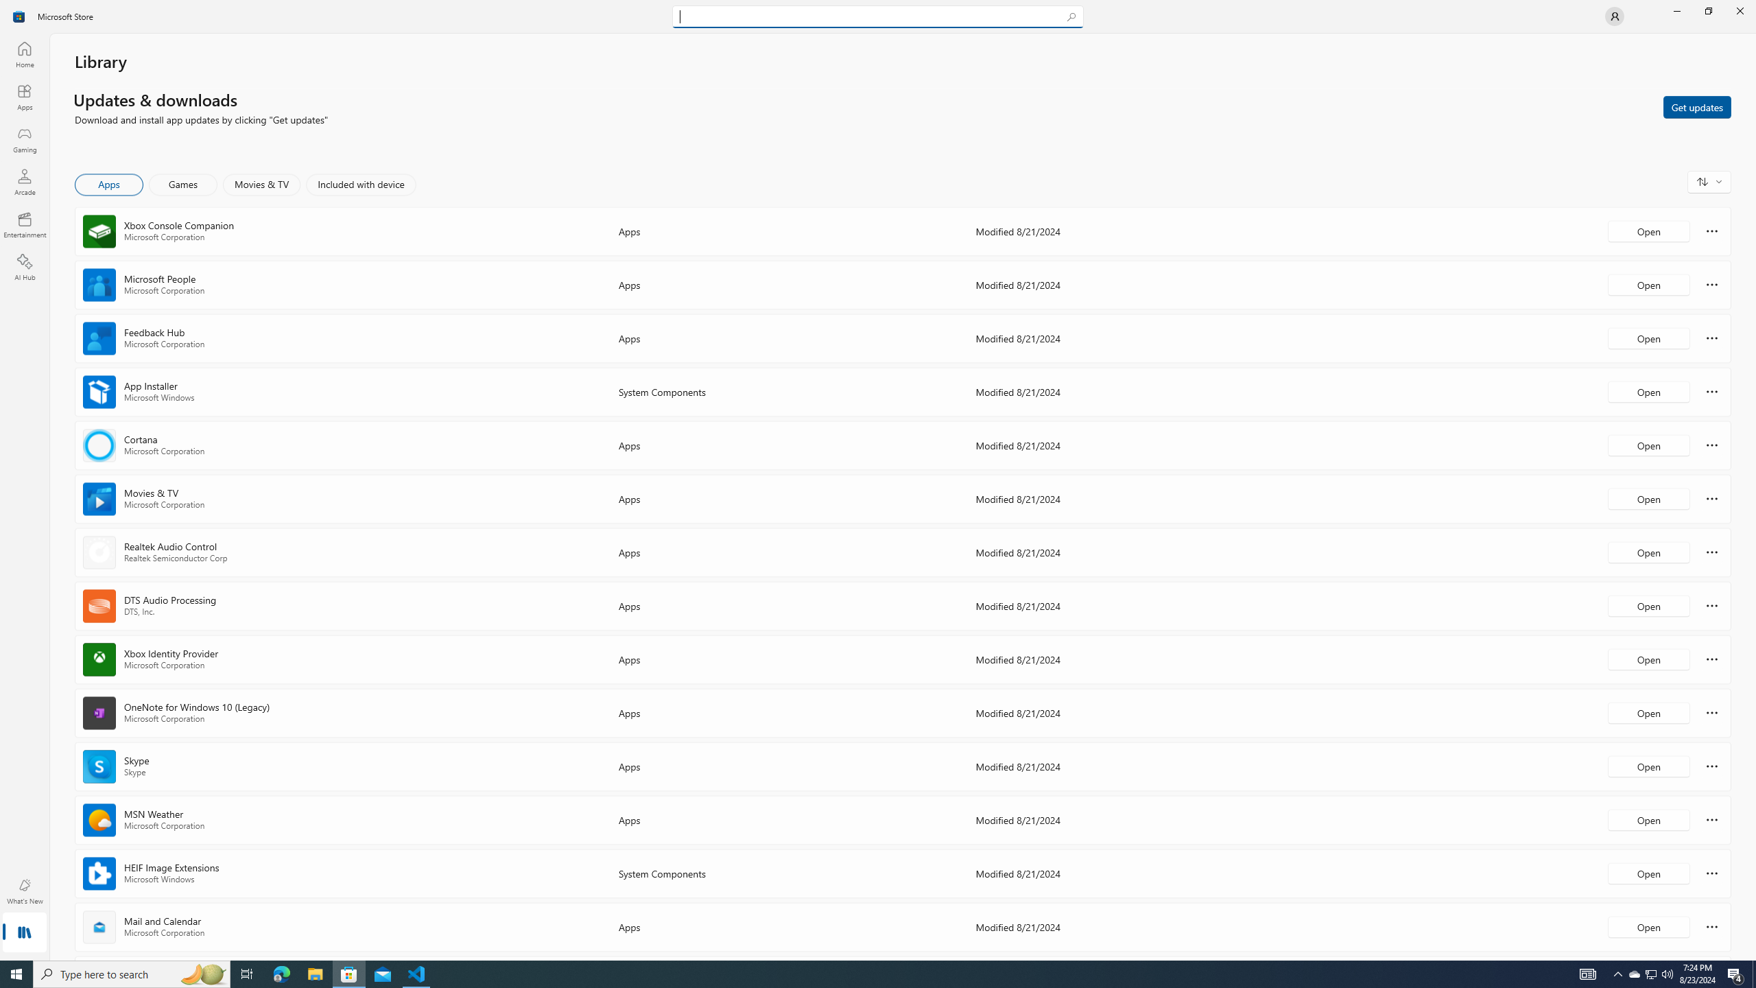  I want to click on 'User profile', so click(1613, 15).